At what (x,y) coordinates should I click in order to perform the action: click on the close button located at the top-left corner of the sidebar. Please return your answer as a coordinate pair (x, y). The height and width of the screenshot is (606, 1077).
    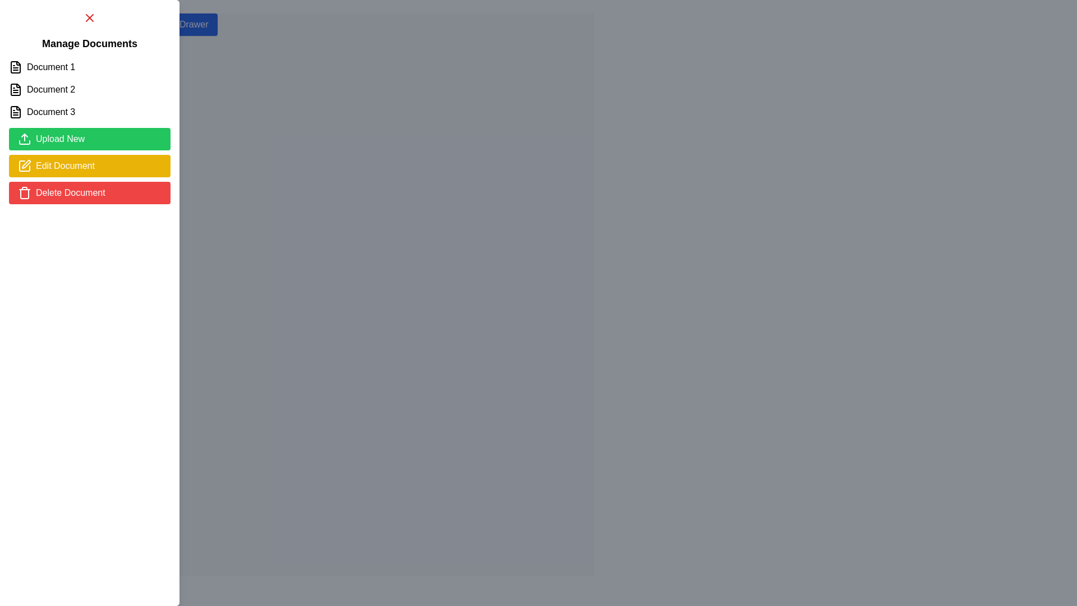
    Looking at the image, I should click on (89, 17).